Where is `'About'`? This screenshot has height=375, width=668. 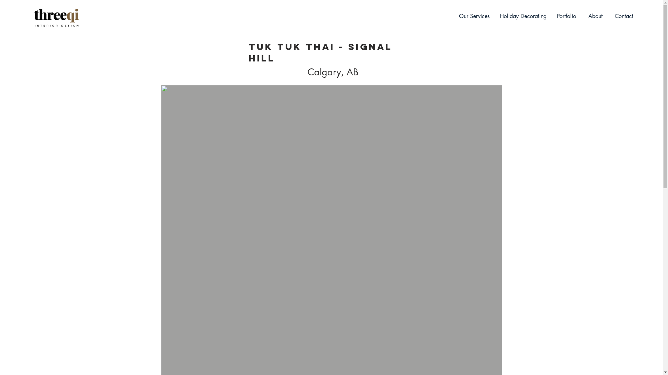 'About' is located at coordinates (595, 16).